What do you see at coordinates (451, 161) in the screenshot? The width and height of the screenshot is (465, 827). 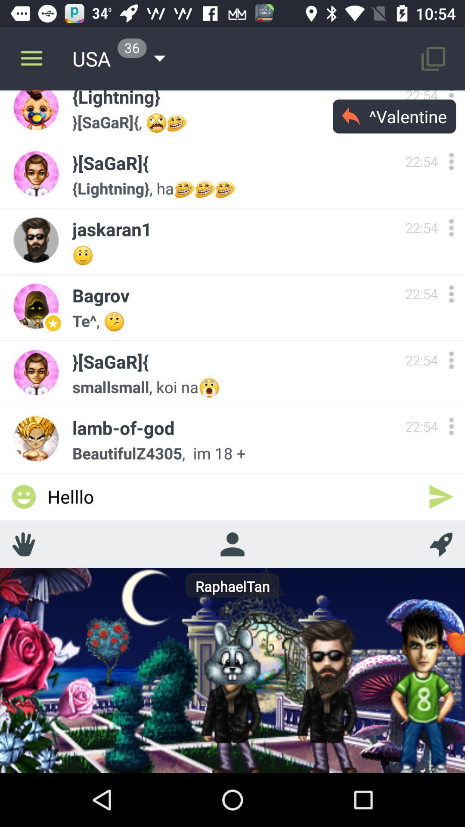 I see `open extended options` at bounding box center [451, 161].